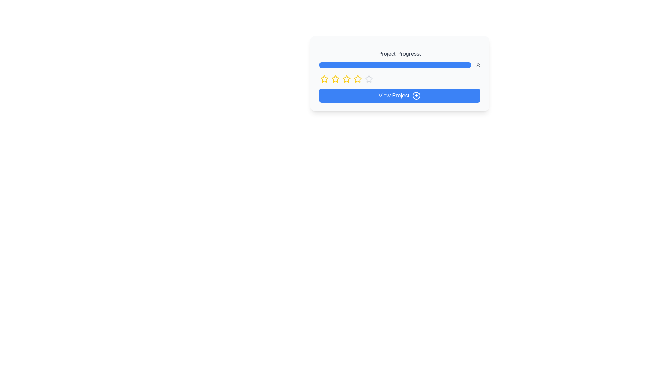 The image size is (669, 376). Describe the element at coordinates (407, 65) in the screenshot. I see `progress` at that location.